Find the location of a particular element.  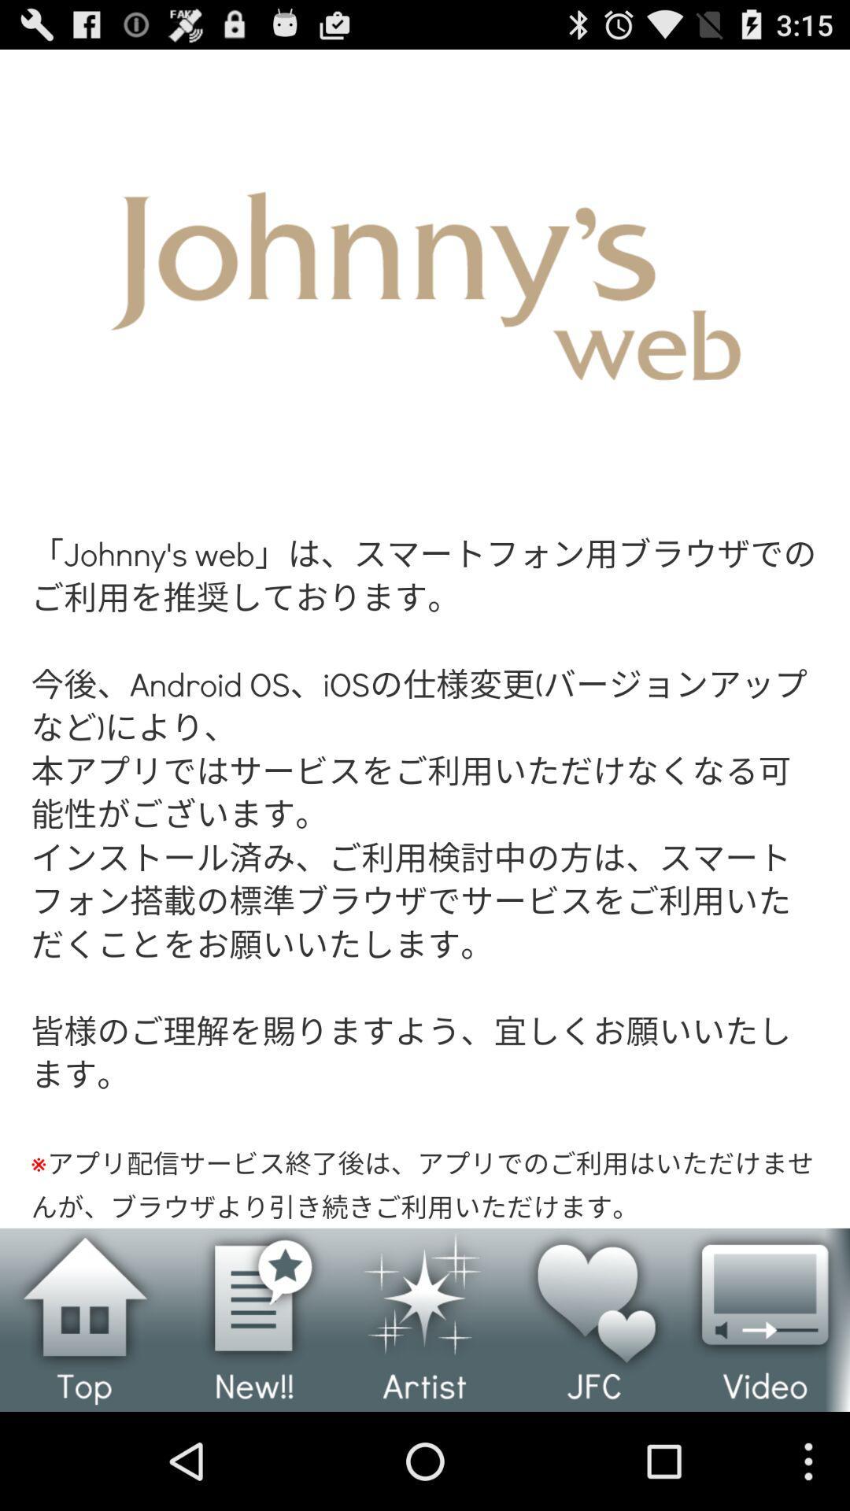

new content is located at coordinates (254, 1320).